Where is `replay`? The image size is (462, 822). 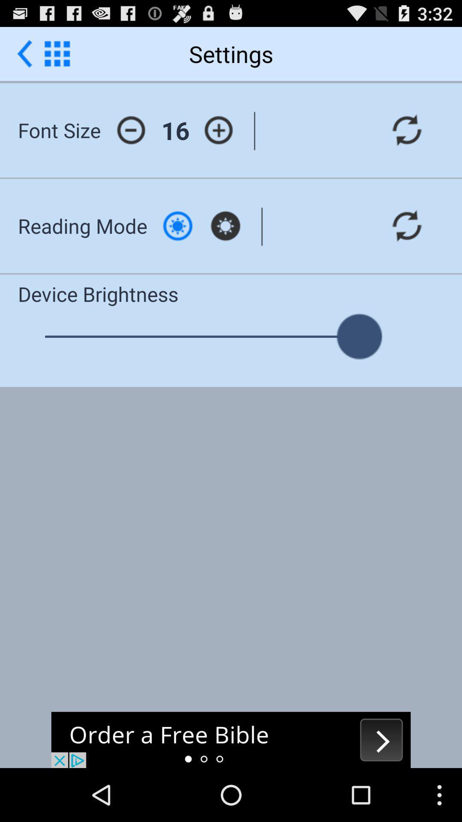
replay is located at coordinates (406, 226).